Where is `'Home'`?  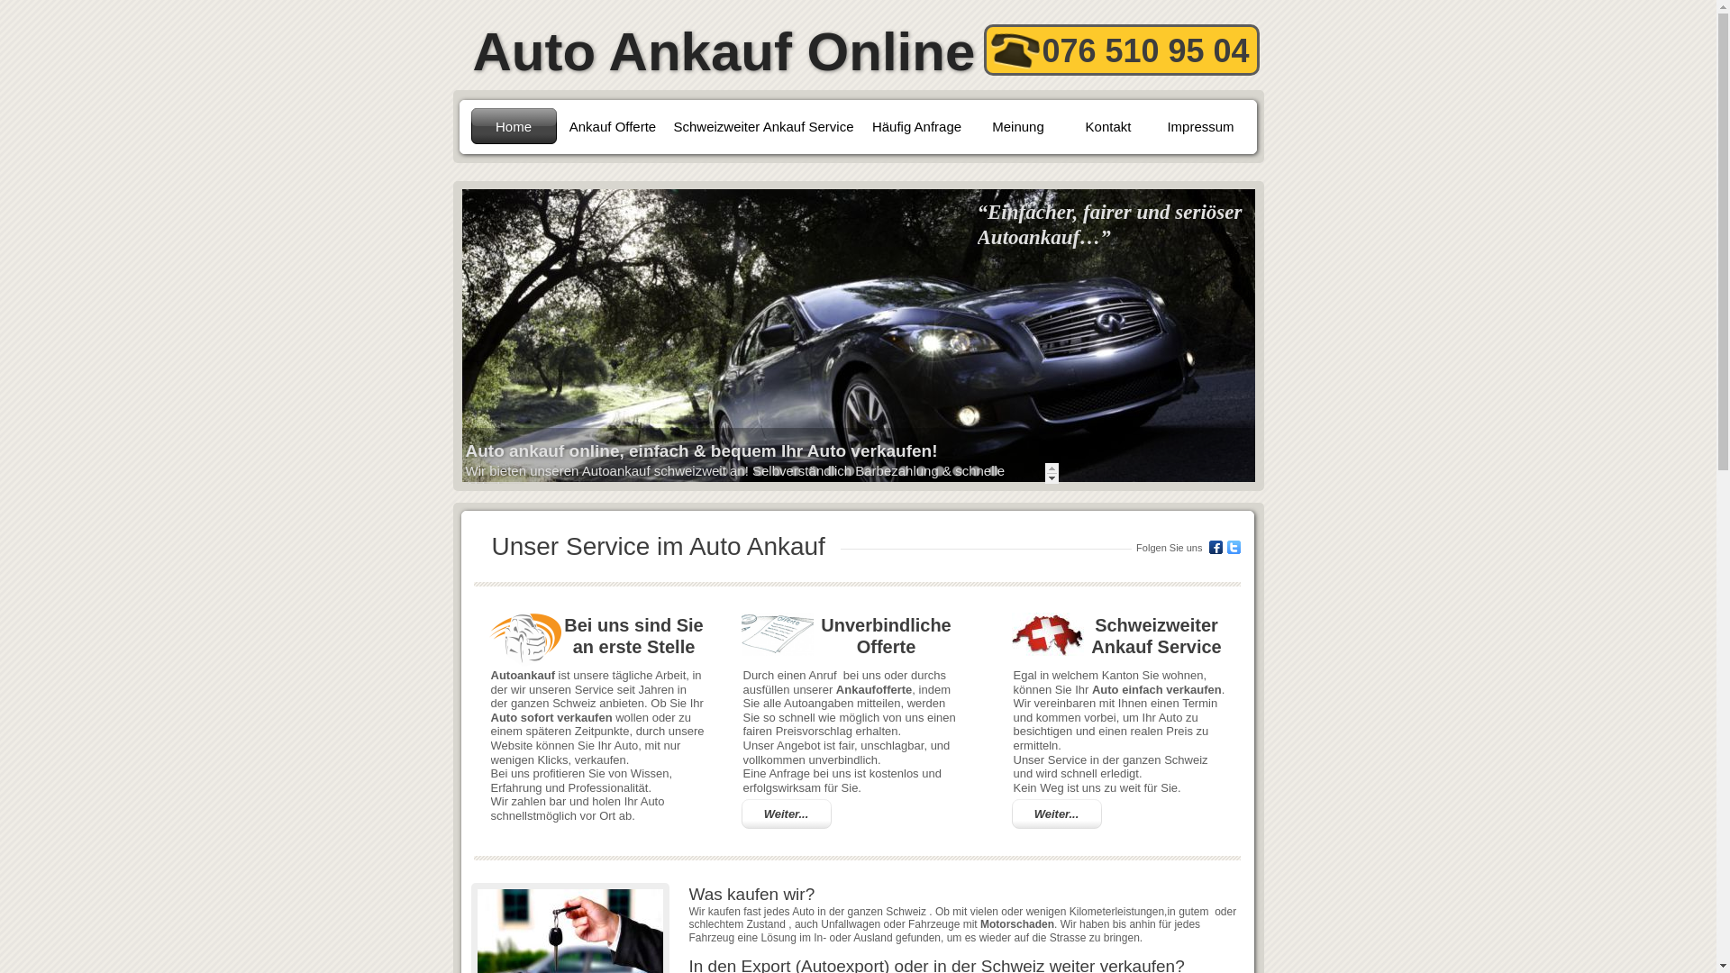 'Home' is located at coordinates (513, 125).